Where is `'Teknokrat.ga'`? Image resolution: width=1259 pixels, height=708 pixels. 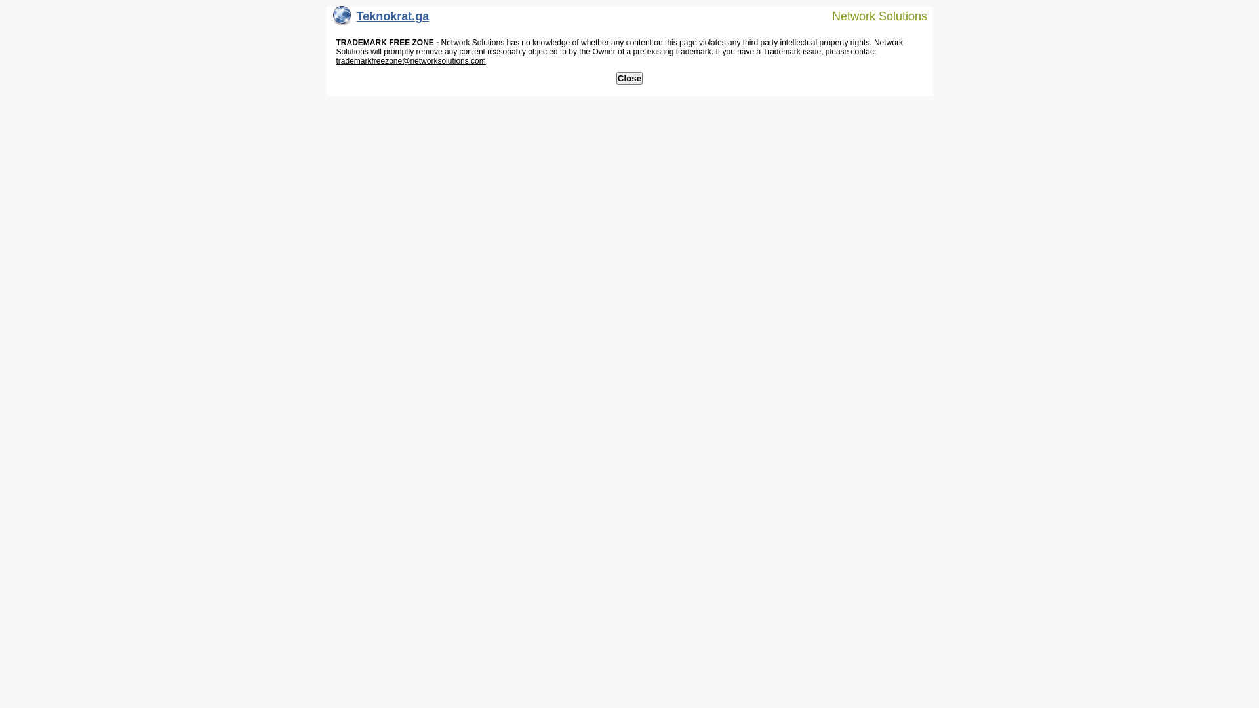
'Teknokrat.ga' is located at coordinates (380, 19).